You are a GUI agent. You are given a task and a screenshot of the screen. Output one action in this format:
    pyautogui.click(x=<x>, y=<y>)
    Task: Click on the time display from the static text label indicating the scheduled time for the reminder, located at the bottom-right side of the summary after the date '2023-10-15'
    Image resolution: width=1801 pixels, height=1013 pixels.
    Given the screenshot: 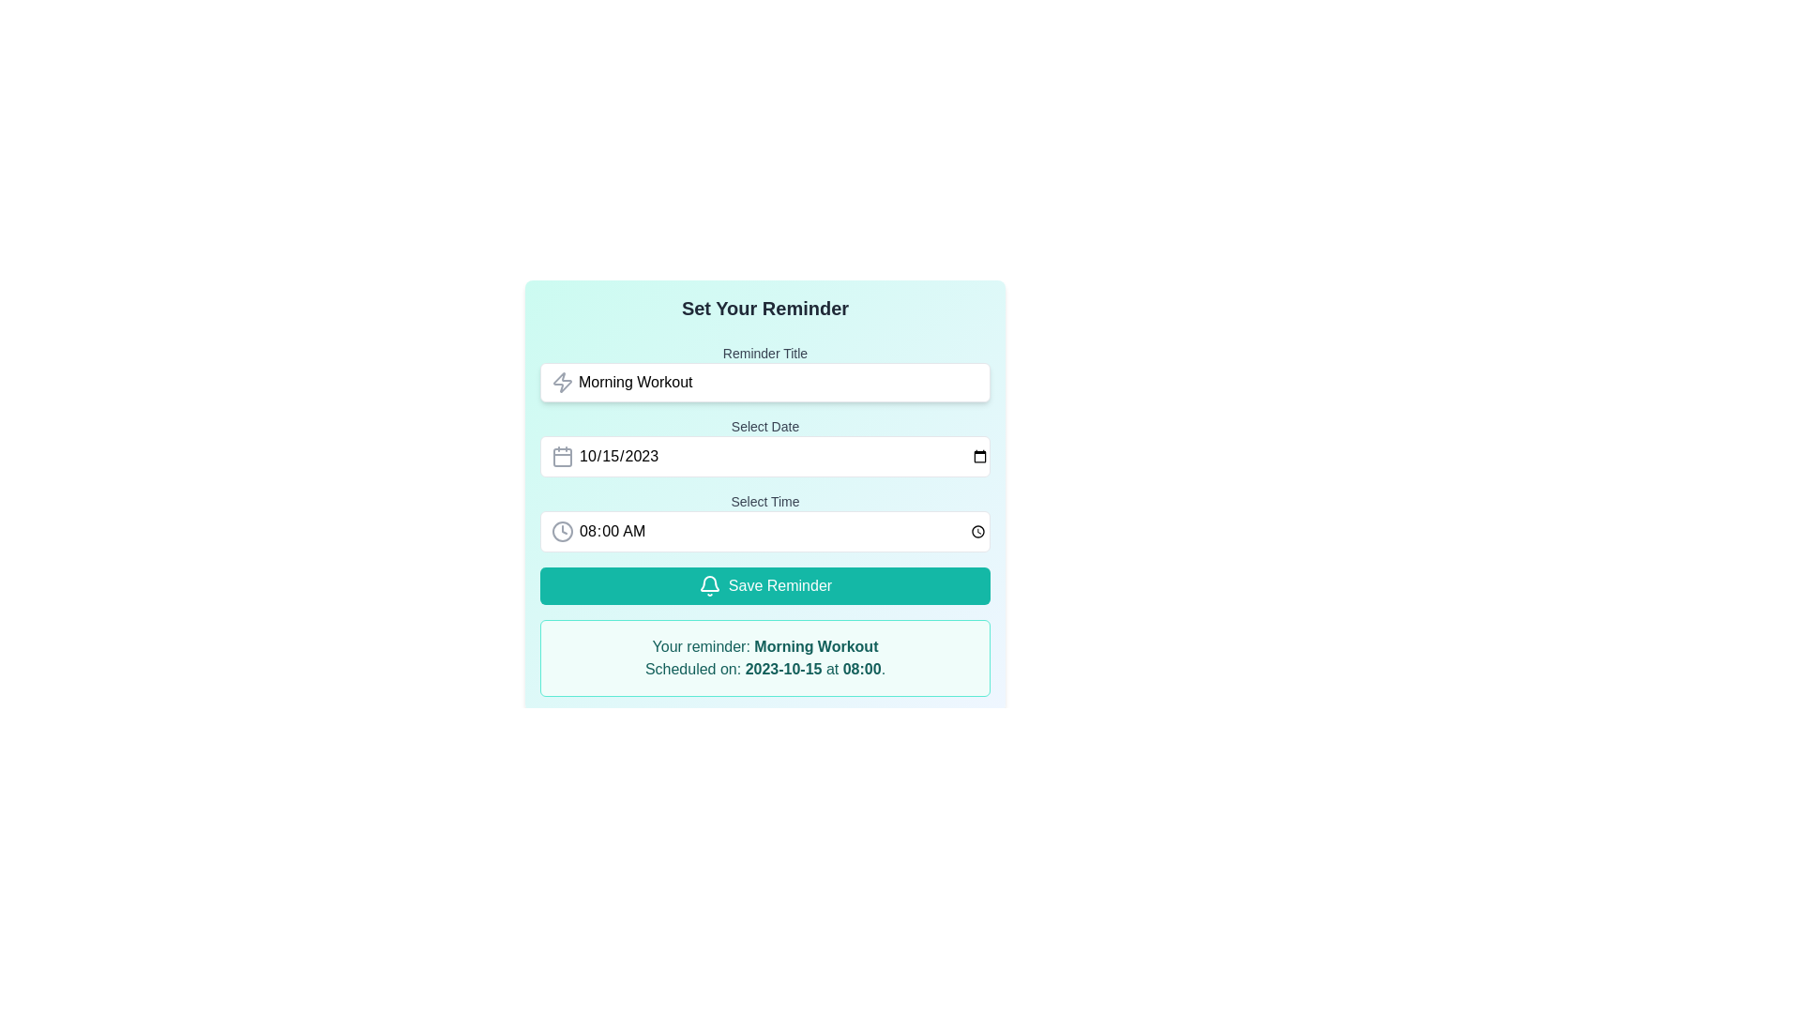 What is the action you would take?
    pyautogui.click(x=861, y=668)
    